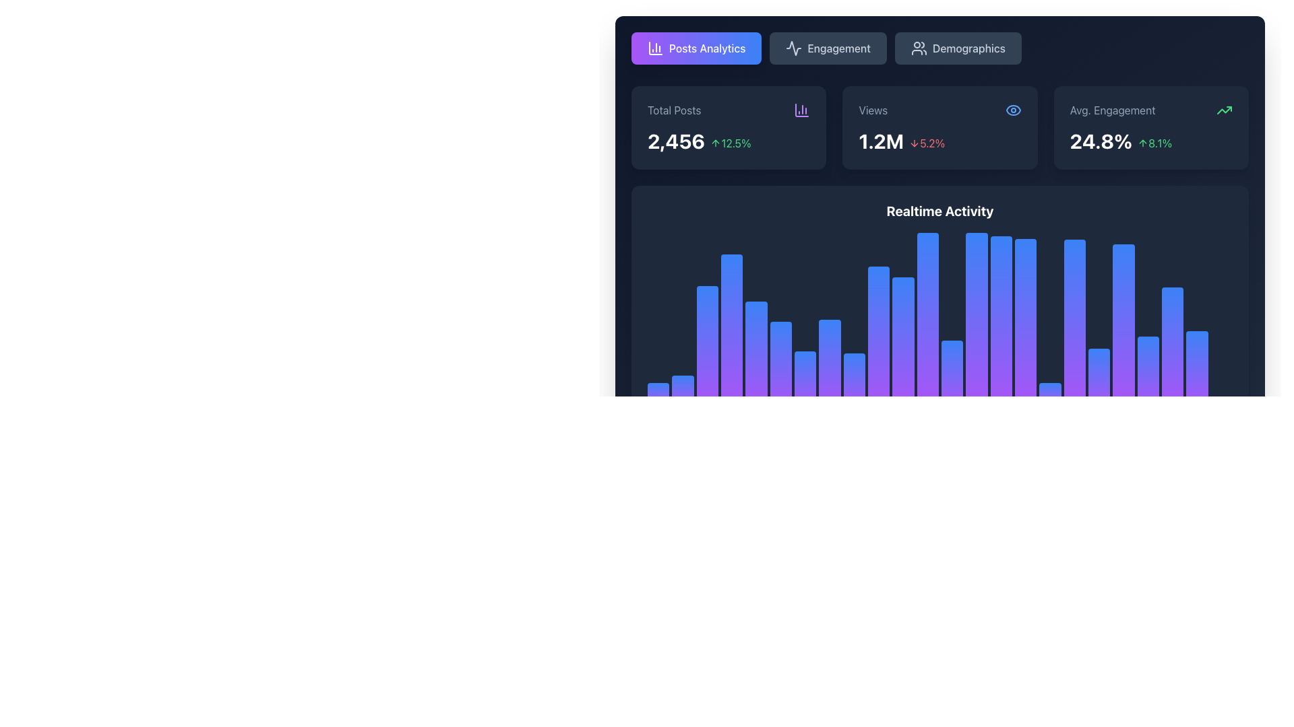 Image resolution: width=1294 pixels, height=727 pixels. Describe the element at coordinates (780, 391) in the screenshot. I see `the sixth vertical bar in the bar chart, which represents a data point visually corresponding to its relative value compared to other bars` at that location.